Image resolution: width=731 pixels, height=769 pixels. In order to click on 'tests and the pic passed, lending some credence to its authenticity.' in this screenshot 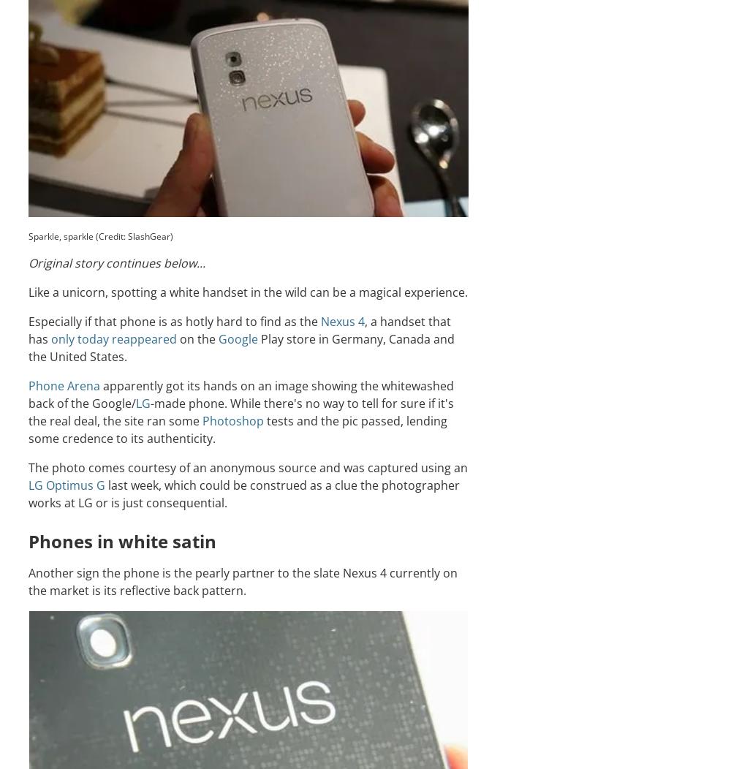, I will do `click(237, 428)`.